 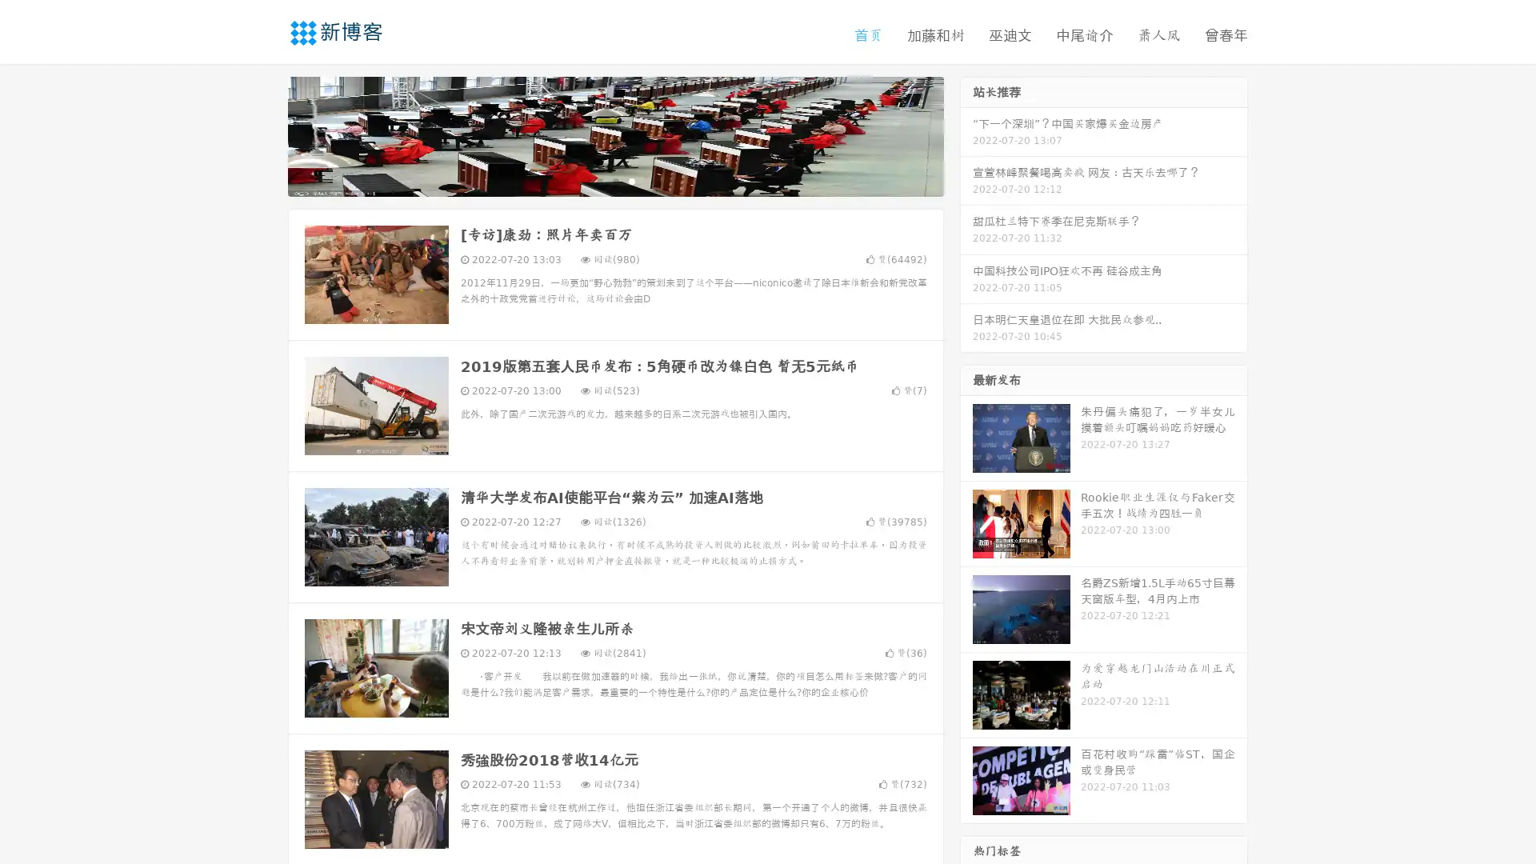 I want to click on Next slide, so click(x=966, y=134).